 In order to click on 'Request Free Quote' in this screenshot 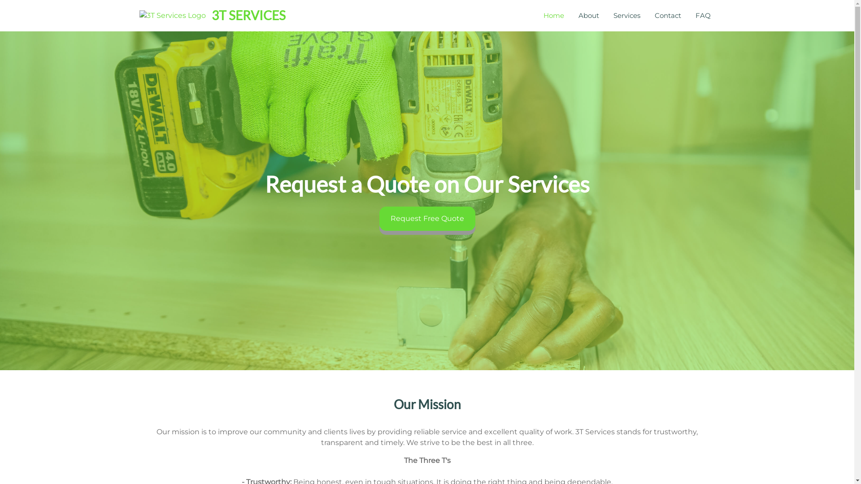, I will do `click(427, 219)`.